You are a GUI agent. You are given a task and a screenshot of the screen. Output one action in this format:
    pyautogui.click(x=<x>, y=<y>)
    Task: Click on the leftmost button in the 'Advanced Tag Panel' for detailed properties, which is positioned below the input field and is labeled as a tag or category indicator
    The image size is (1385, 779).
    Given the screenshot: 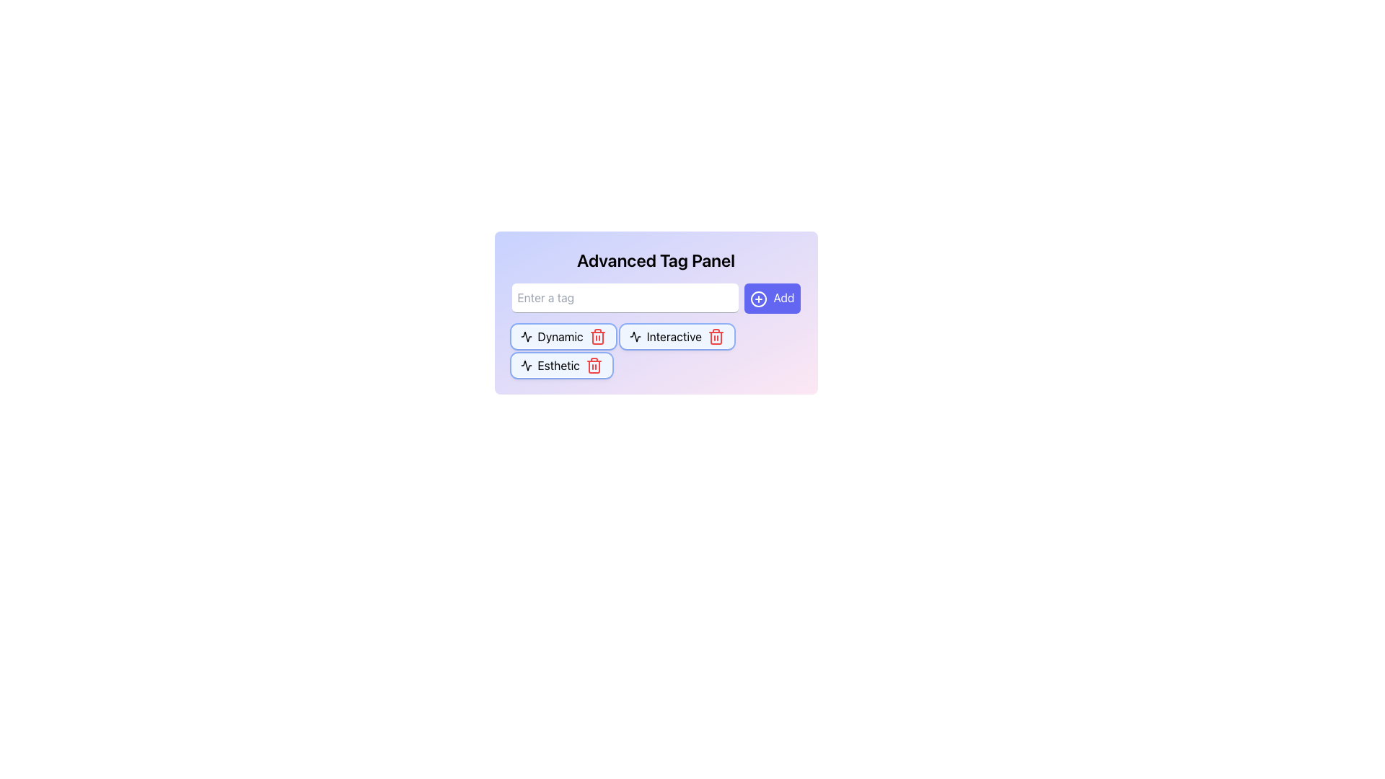 What is the action you would take?
    pyautogui.click(x=563, y=336)
    